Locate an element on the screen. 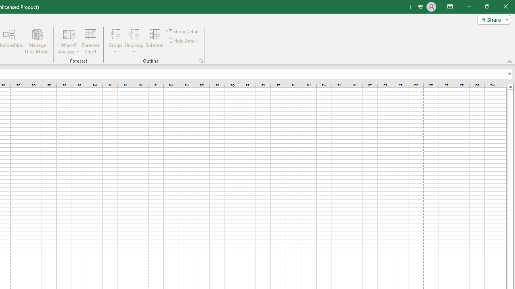  'Line up' is located at coordinates (510, 86).